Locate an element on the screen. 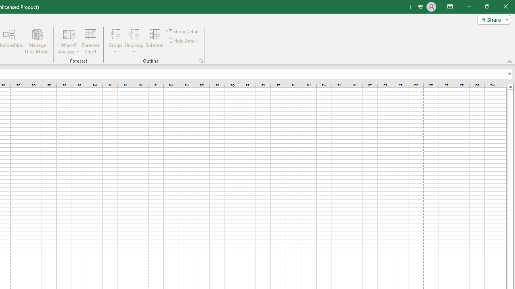  'Line up' is located at coordinates (510, 86).